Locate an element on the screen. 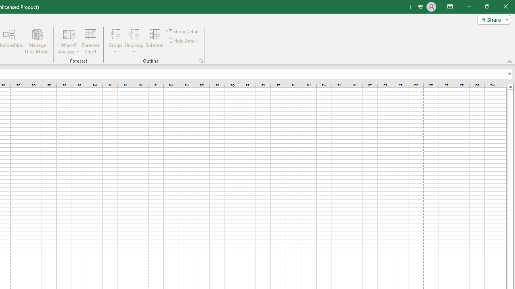  'Line up' is located at coordinates (510, 86).